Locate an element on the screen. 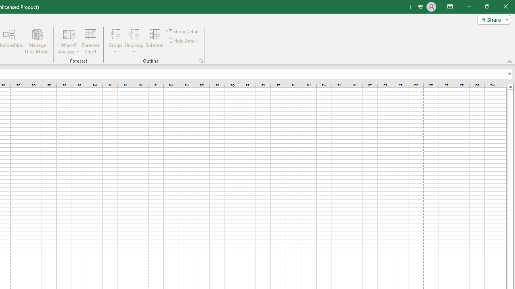  'Line up' is located at coordinates (510, 86).